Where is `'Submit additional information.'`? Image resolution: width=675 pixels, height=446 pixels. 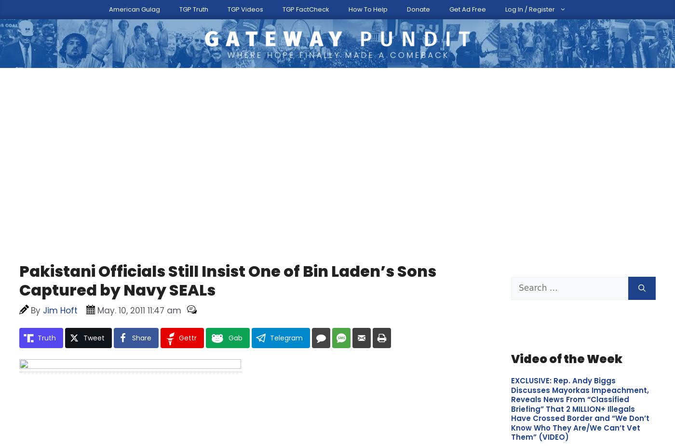
'Submit additional information.' is located at coordinates (19, 256).